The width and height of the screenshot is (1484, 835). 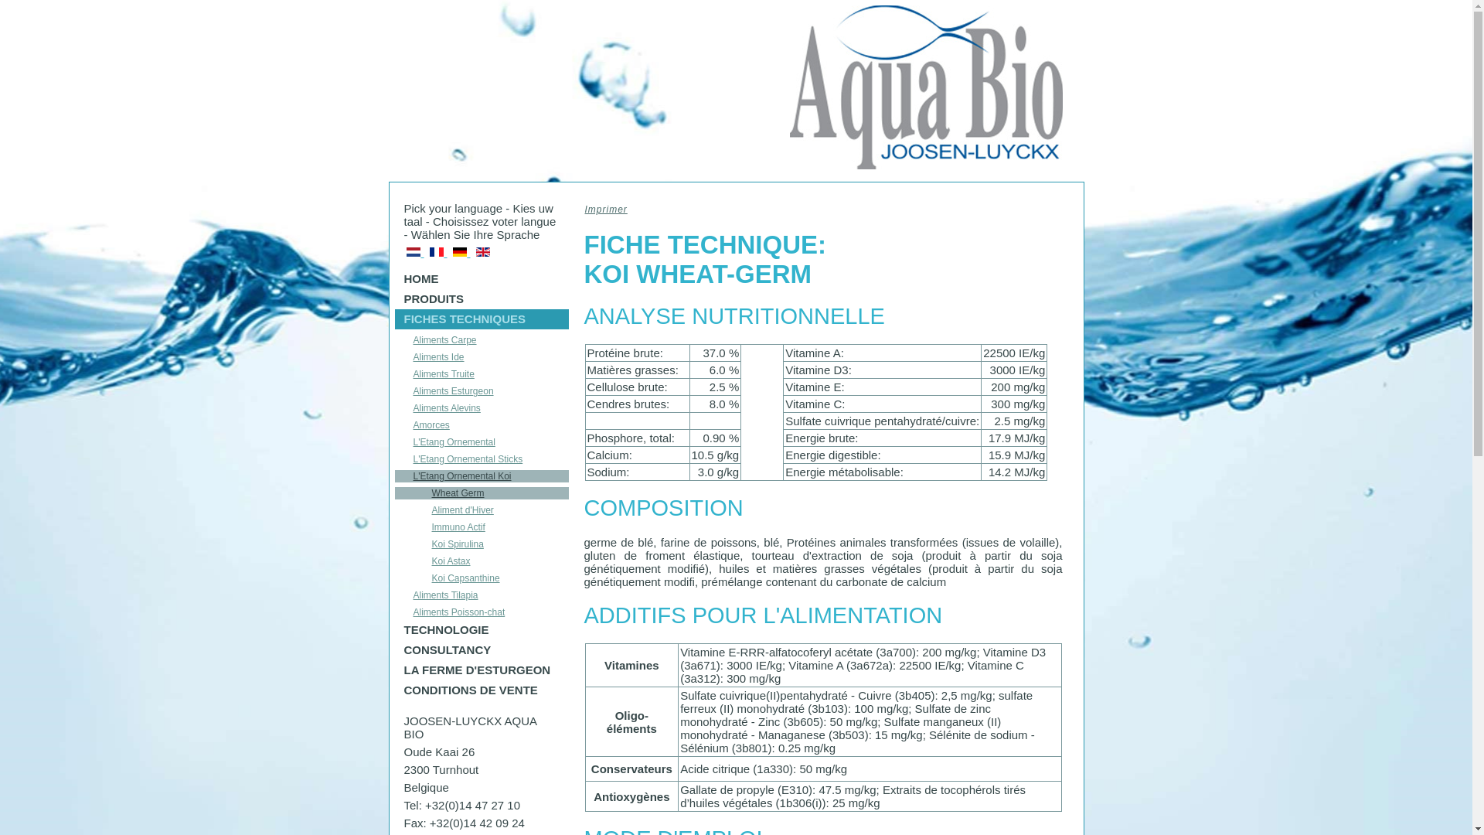 What do you see at coordinates (482, 251) in the screenshot?
I see `'English (UK)'` at bounding box center [482, 251].